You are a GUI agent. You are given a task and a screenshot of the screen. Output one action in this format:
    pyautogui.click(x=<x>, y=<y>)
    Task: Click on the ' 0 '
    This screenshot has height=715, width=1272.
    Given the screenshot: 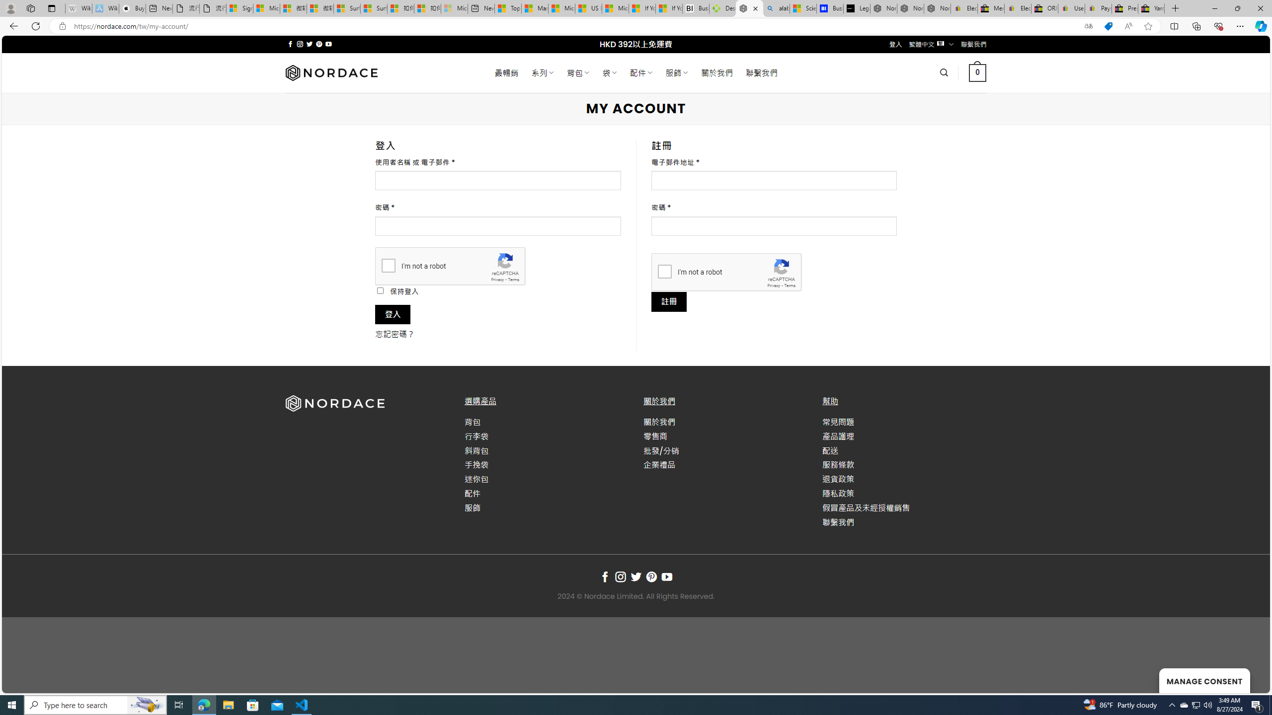 What is the action you would take?
    pyautogui.click(x=976, y=72)
    